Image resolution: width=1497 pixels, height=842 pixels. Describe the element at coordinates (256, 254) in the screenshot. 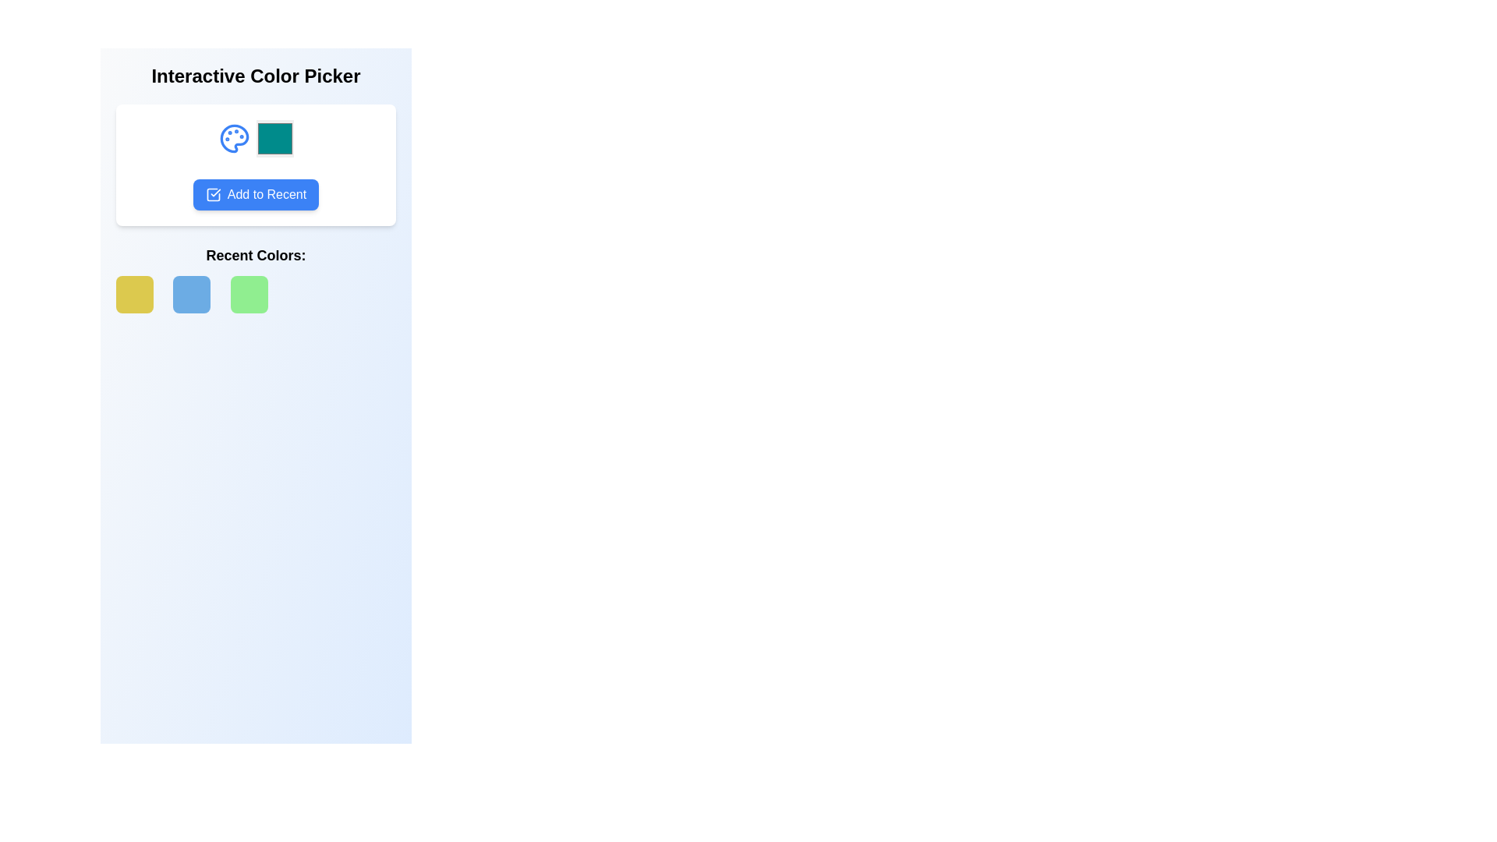

I see `the text header labeled 'Recent Colors:' which is styled in bold and larger size, located just above the color squares grid` at that location.